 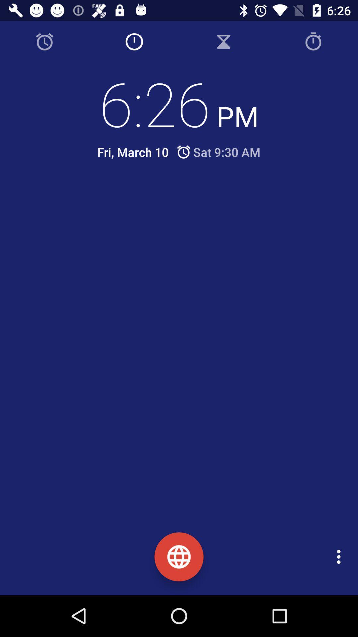 What do you see at coordinates (133, 152) in the screenshot?
I see `the fri, march 10 icon` at bounding box center [133, 152].